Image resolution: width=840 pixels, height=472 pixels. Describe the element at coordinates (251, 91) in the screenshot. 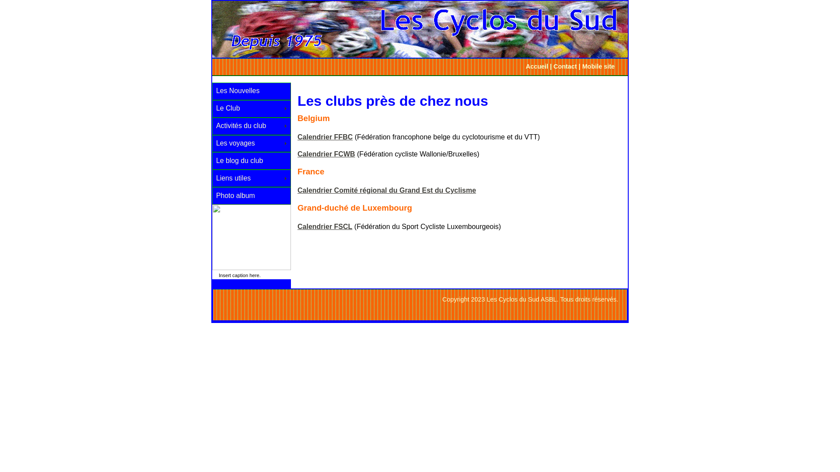

I see `'Les Nouvelles'` at that location.